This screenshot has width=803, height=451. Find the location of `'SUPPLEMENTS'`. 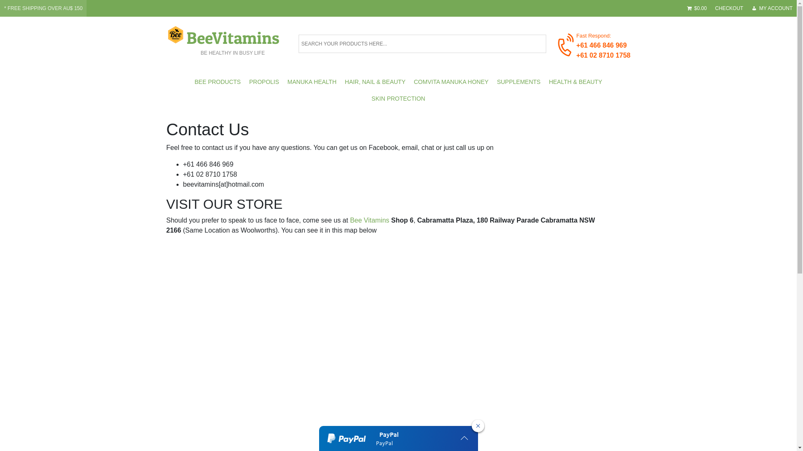

'SUPPLEMENTS' is located at coordinates (518, 82).